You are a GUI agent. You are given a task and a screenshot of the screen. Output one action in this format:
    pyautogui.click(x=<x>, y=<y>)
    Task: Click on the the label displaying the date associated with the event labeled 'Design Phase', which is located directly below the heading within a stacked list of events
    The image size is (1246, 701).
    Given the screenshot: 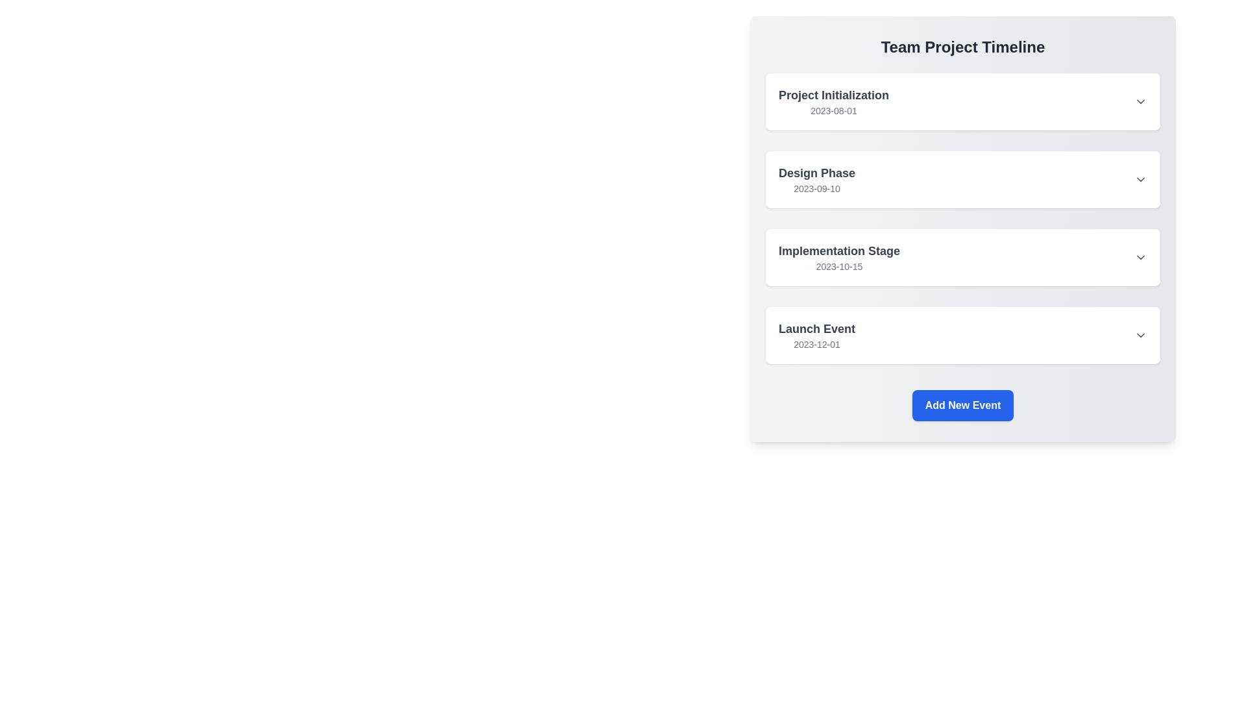 What is the action you would take?
    pyautogui.click(x=816, y=188)
    